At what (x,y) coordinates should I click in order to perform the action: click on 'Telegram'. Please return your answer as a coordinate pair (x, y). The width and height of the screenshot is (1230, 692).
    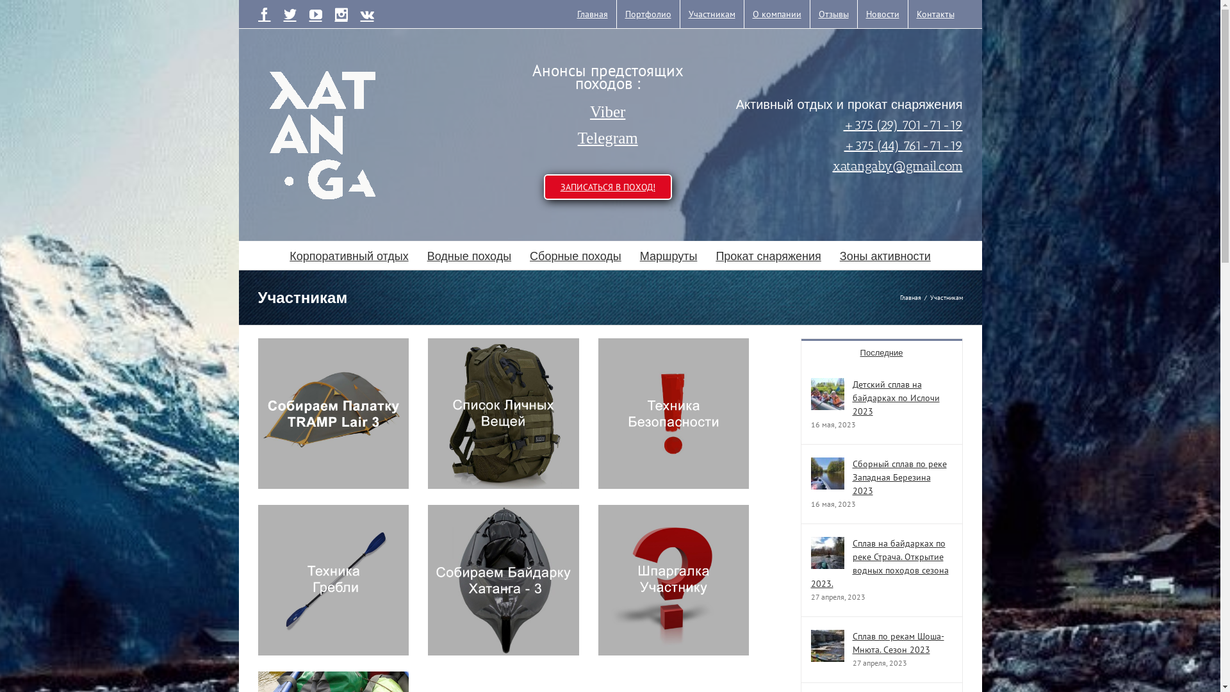
    Looking at the image, I should click on (607, 138).